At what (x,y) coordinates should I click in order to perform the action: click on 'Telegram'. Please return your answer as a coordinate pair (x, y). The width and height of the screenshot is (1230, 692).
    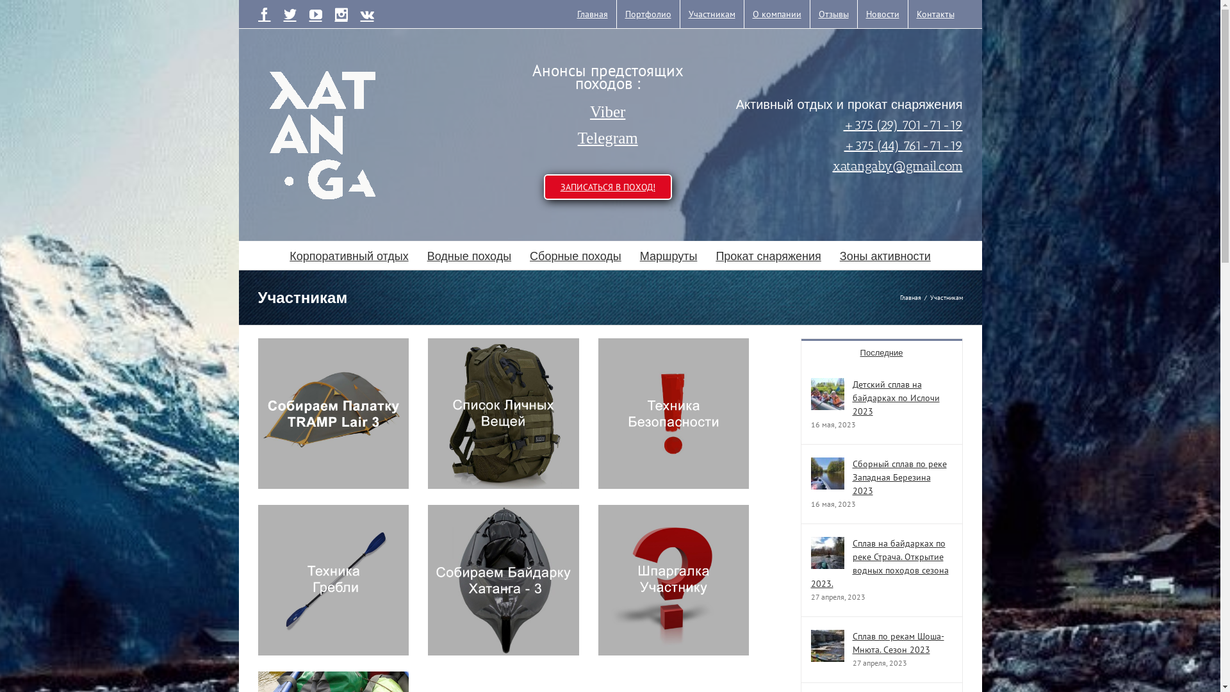
    Looking at the image, I should click on (607, 138).